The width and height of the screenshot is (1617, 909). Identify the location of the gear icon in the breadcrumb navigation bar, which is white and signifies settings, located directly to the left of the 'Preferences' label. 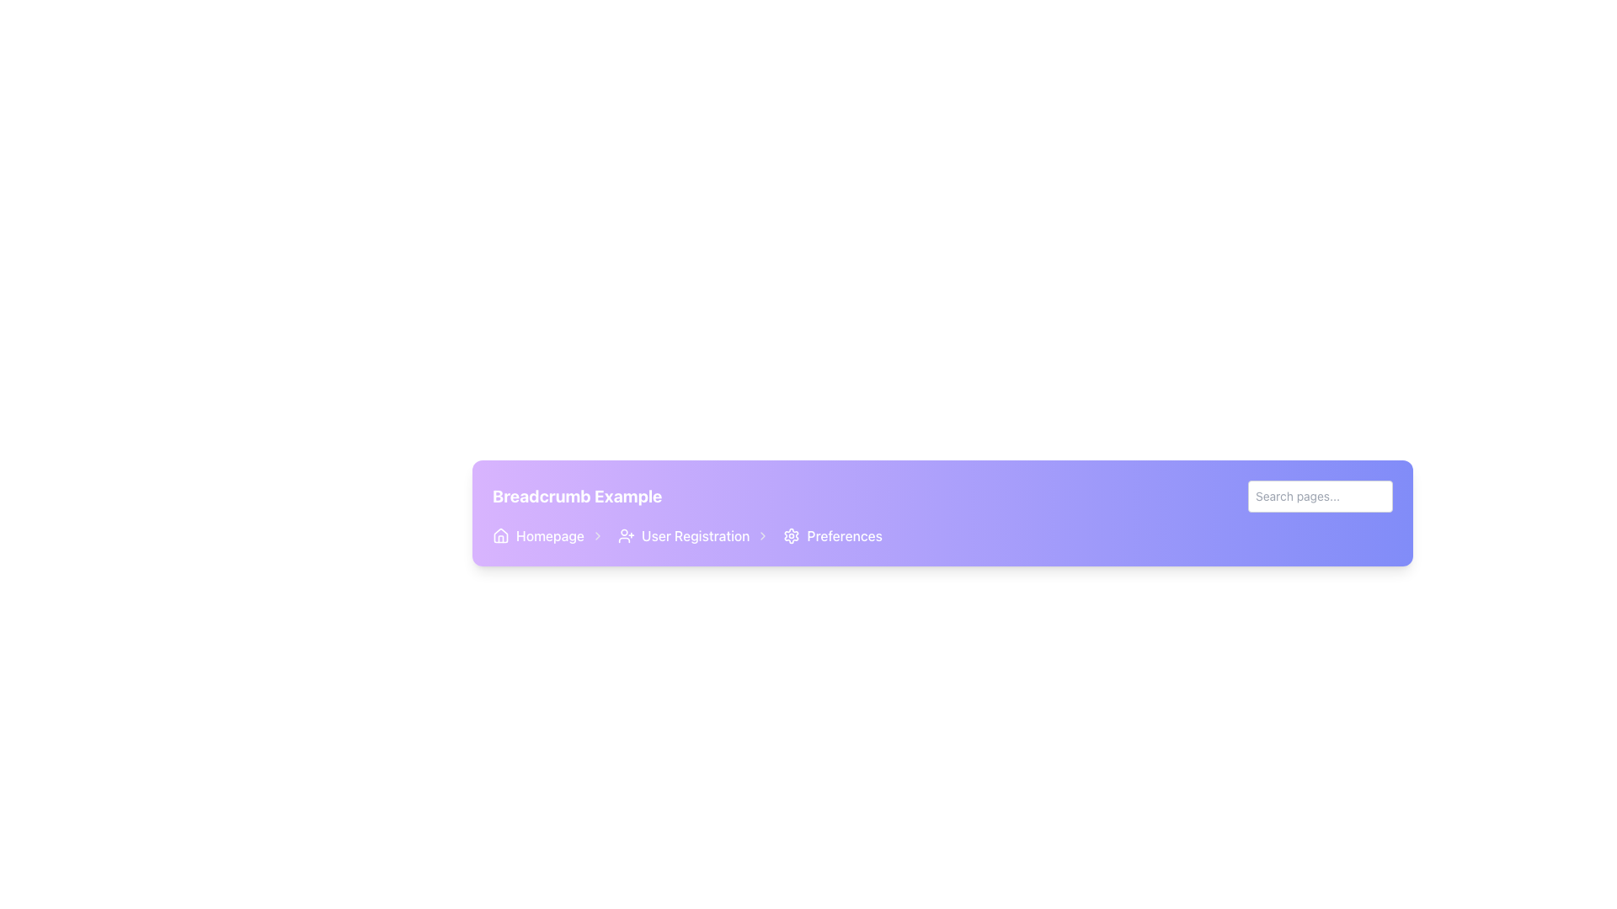
(791, 535).